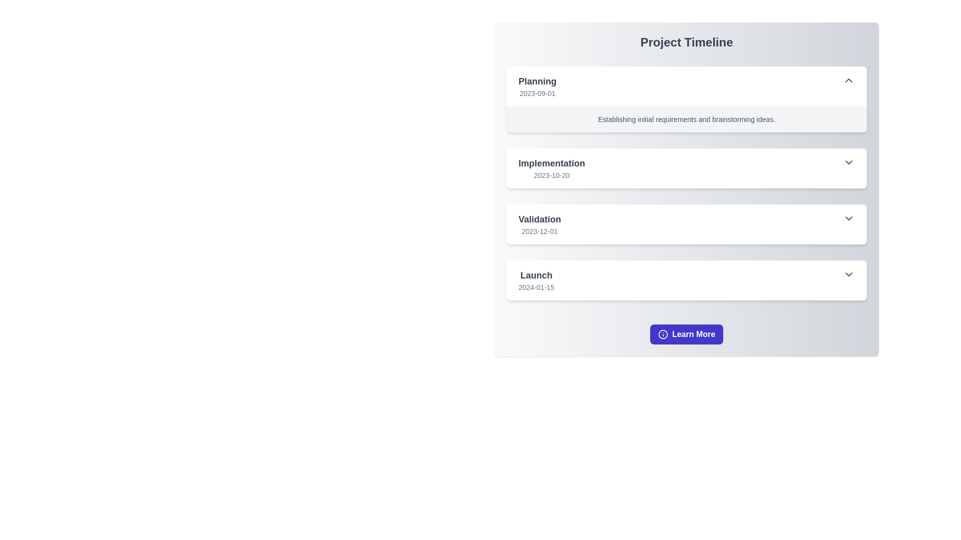  What do you see at coordinates (848, 217) in the screenshot?
I see `the downward-facing chevron icon in the 'Validation' entry` at bounding box center [848, 217].